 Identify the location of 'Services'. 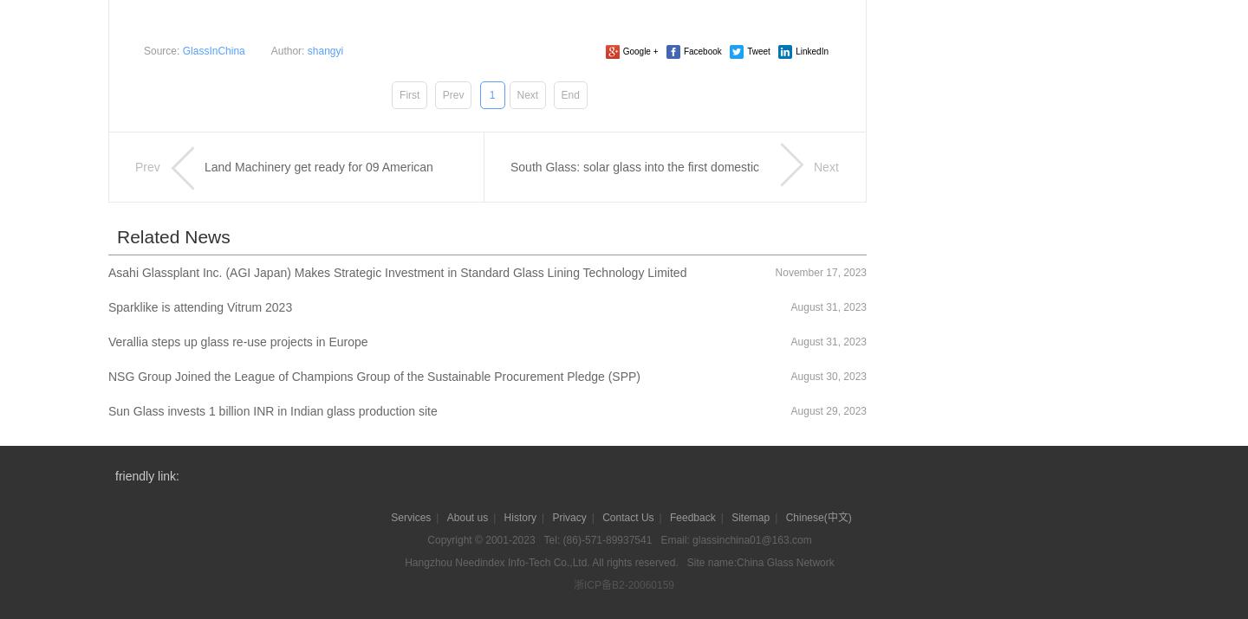
(411, 516).